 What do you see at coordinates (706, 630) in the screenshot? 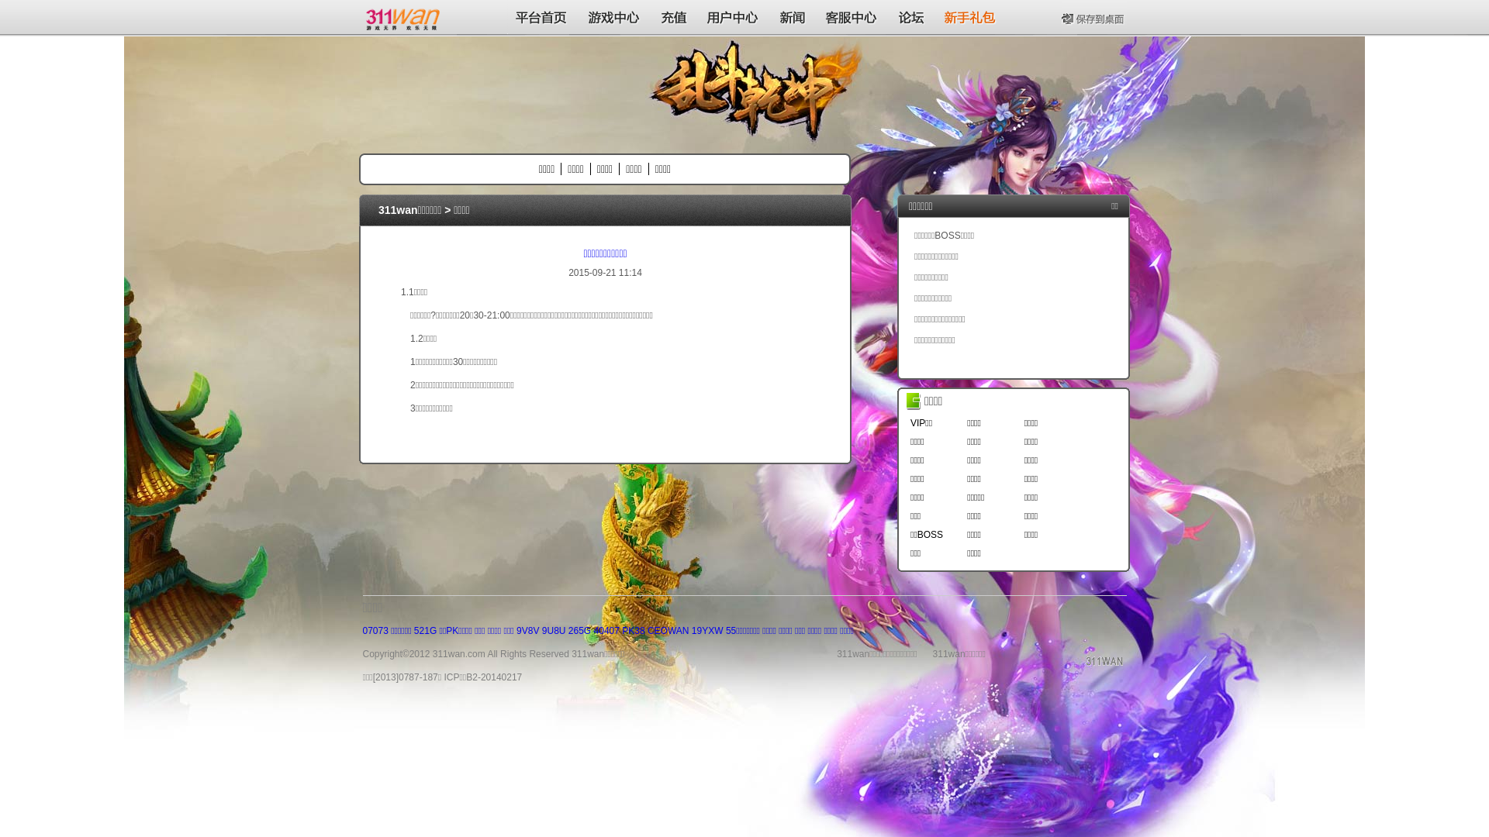
I see `'19YXW'` at bounding box center [706, 630].